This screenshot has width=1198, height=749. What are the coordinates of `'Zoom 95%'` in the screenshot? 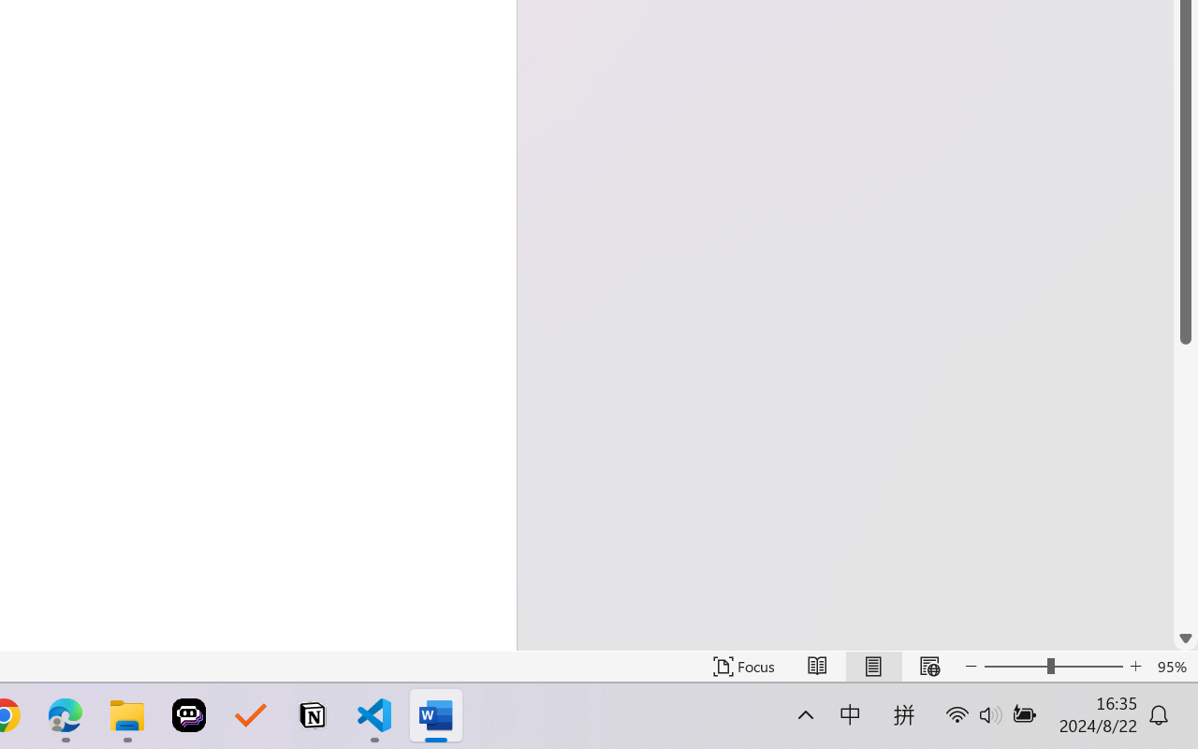 It's located at (1172, 666).